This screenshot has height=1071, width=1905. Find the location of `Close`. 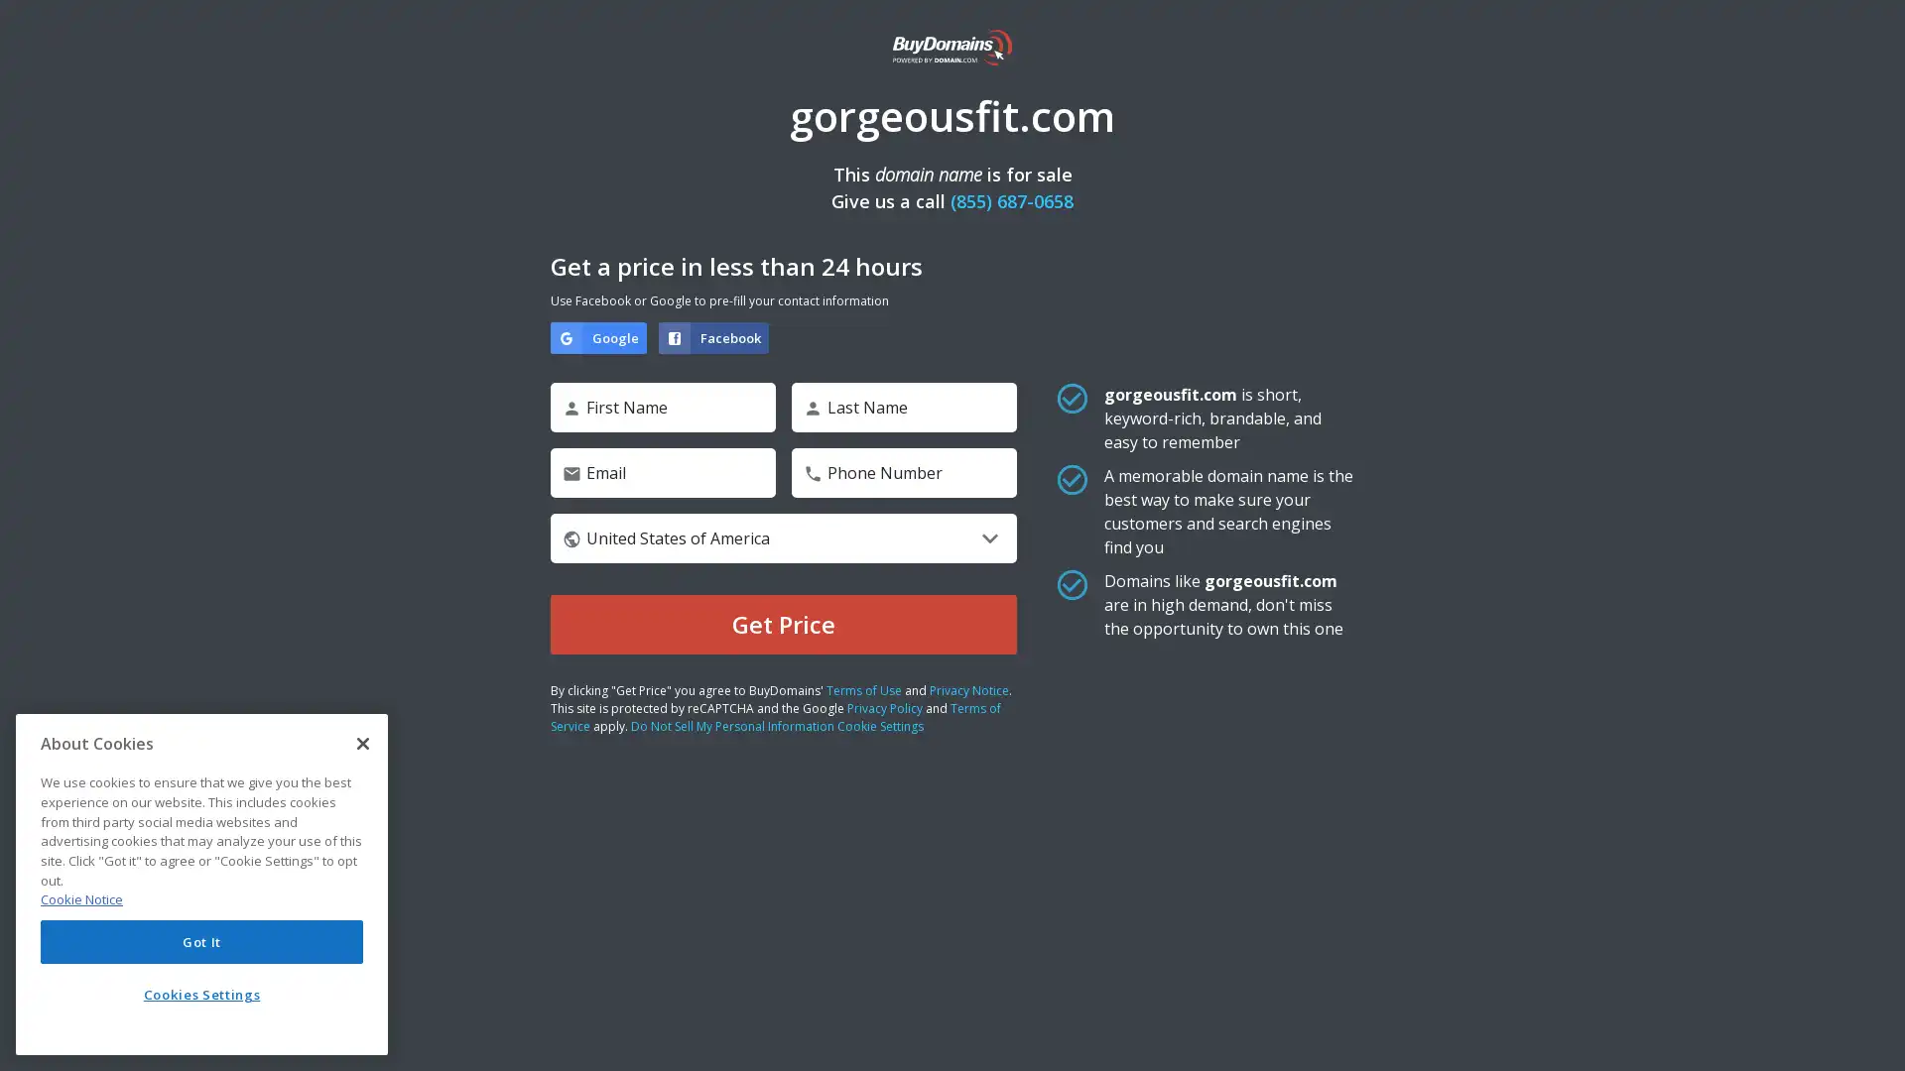

Close is located at coordinates (362, 743).